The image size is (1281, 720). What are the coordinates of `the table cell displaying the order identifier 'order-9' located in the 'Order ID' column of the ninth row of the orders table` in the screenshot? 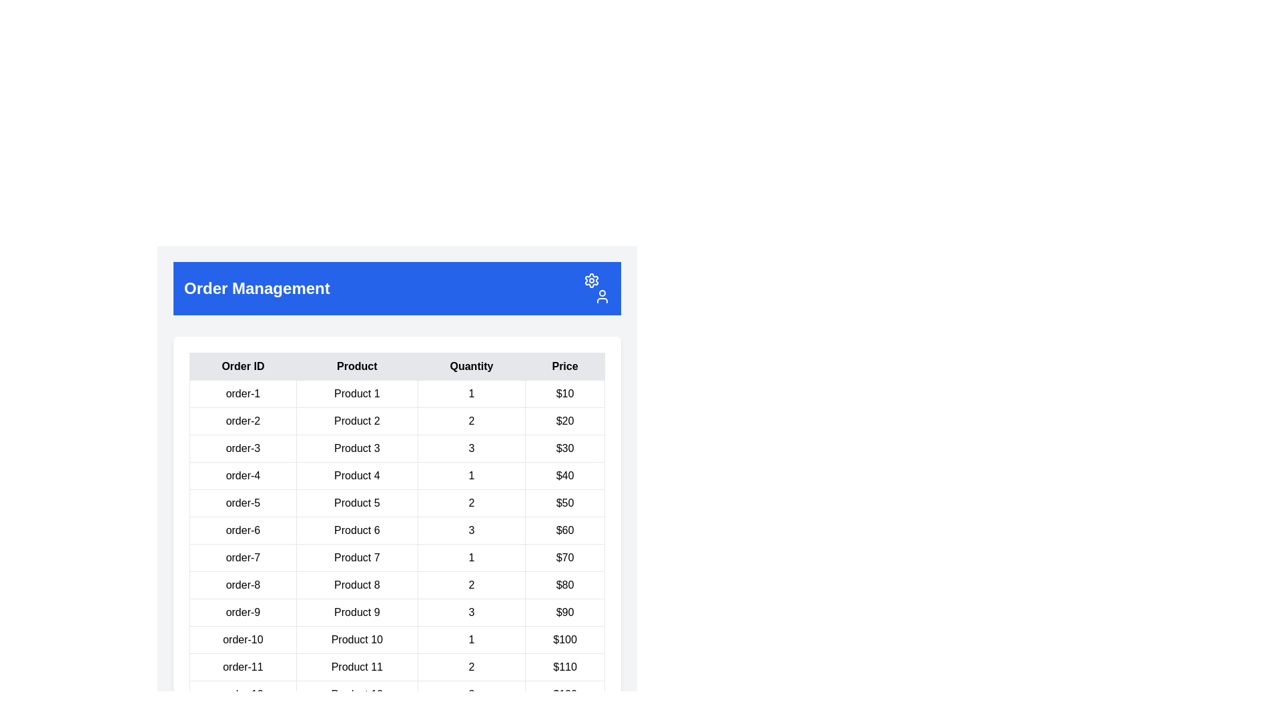 It's located at (243, 612).